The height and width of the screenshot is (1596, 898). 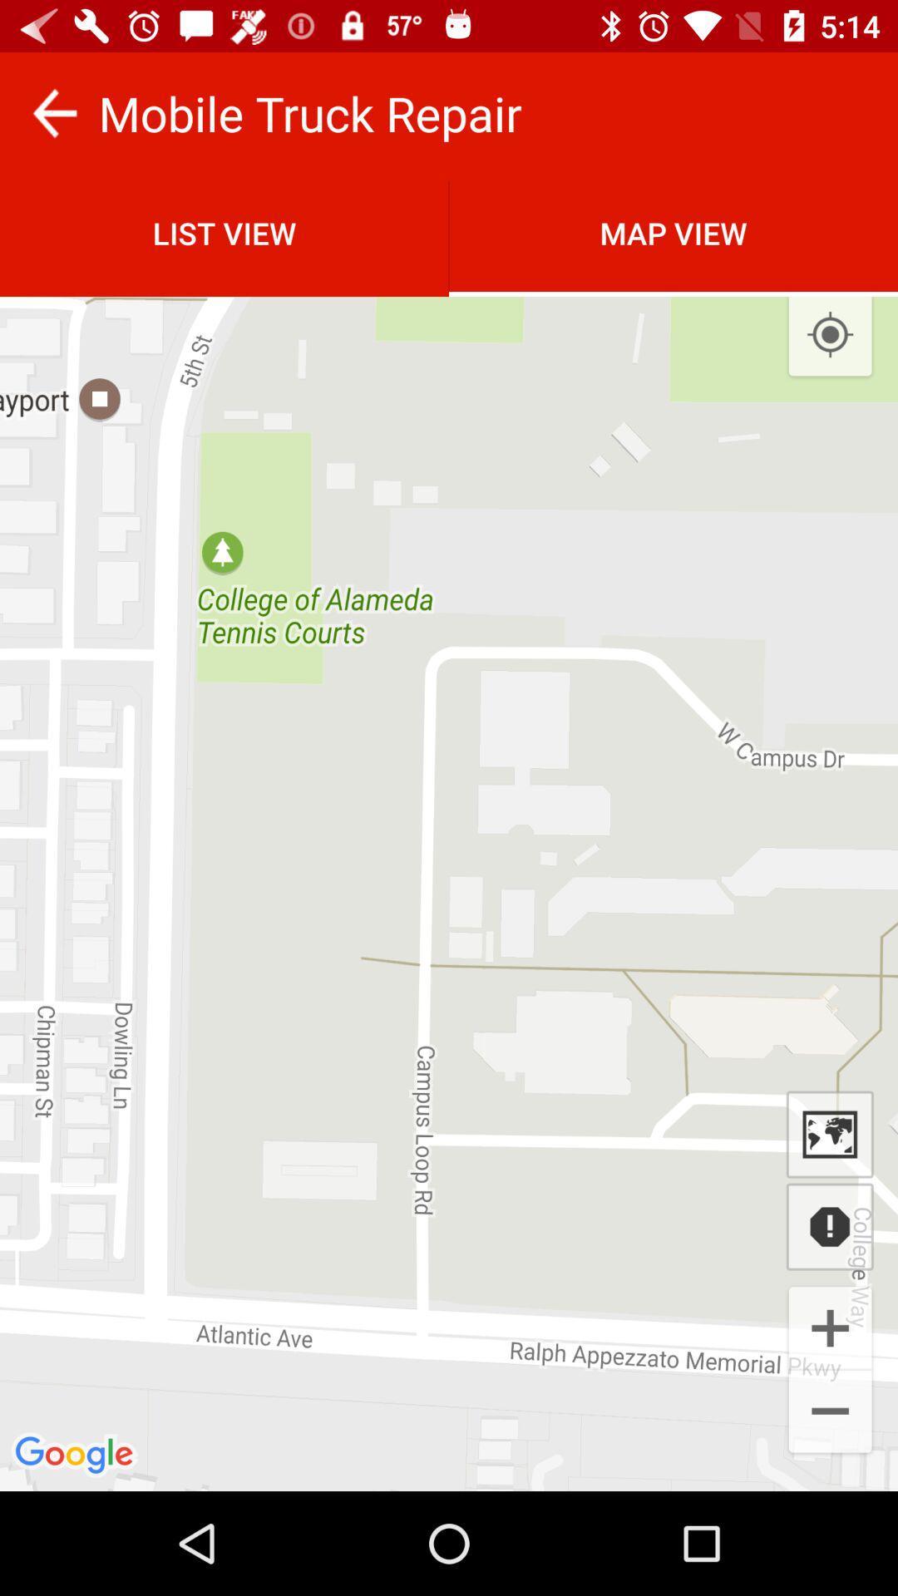 What do you see at coordinates (449, 833) in the screenshot?
I see `the item at the center` at bounding box center [449, 833].